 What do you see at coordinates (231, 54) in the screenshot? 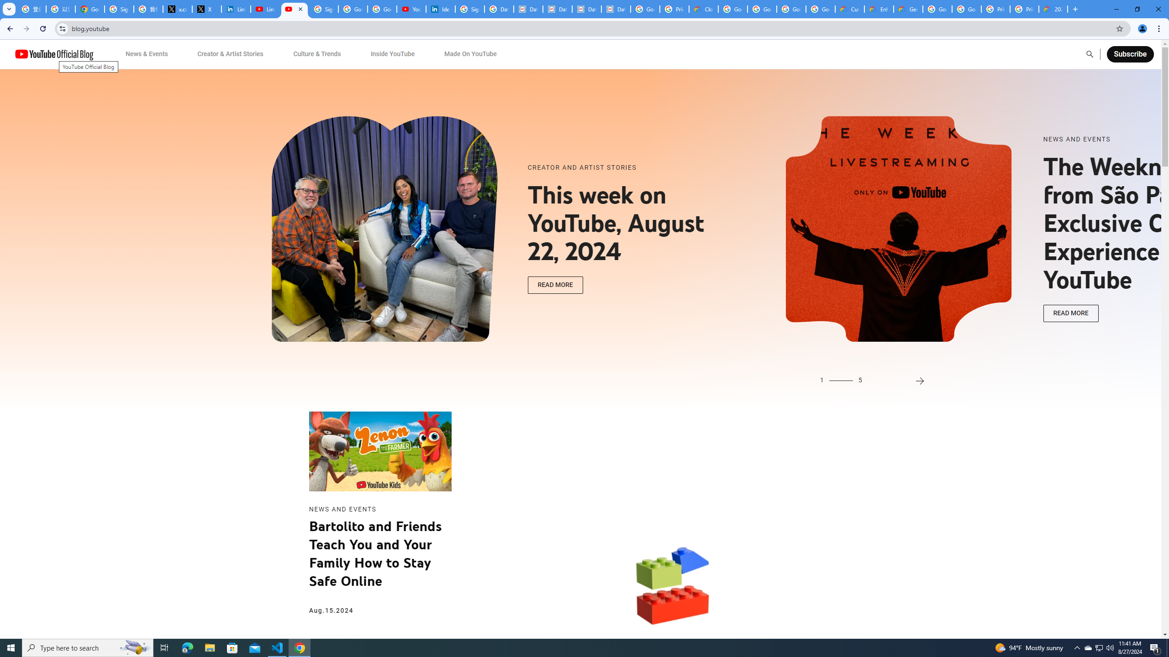
I see `'Creator & Artist Stories'` at bounding box center [231, 54].